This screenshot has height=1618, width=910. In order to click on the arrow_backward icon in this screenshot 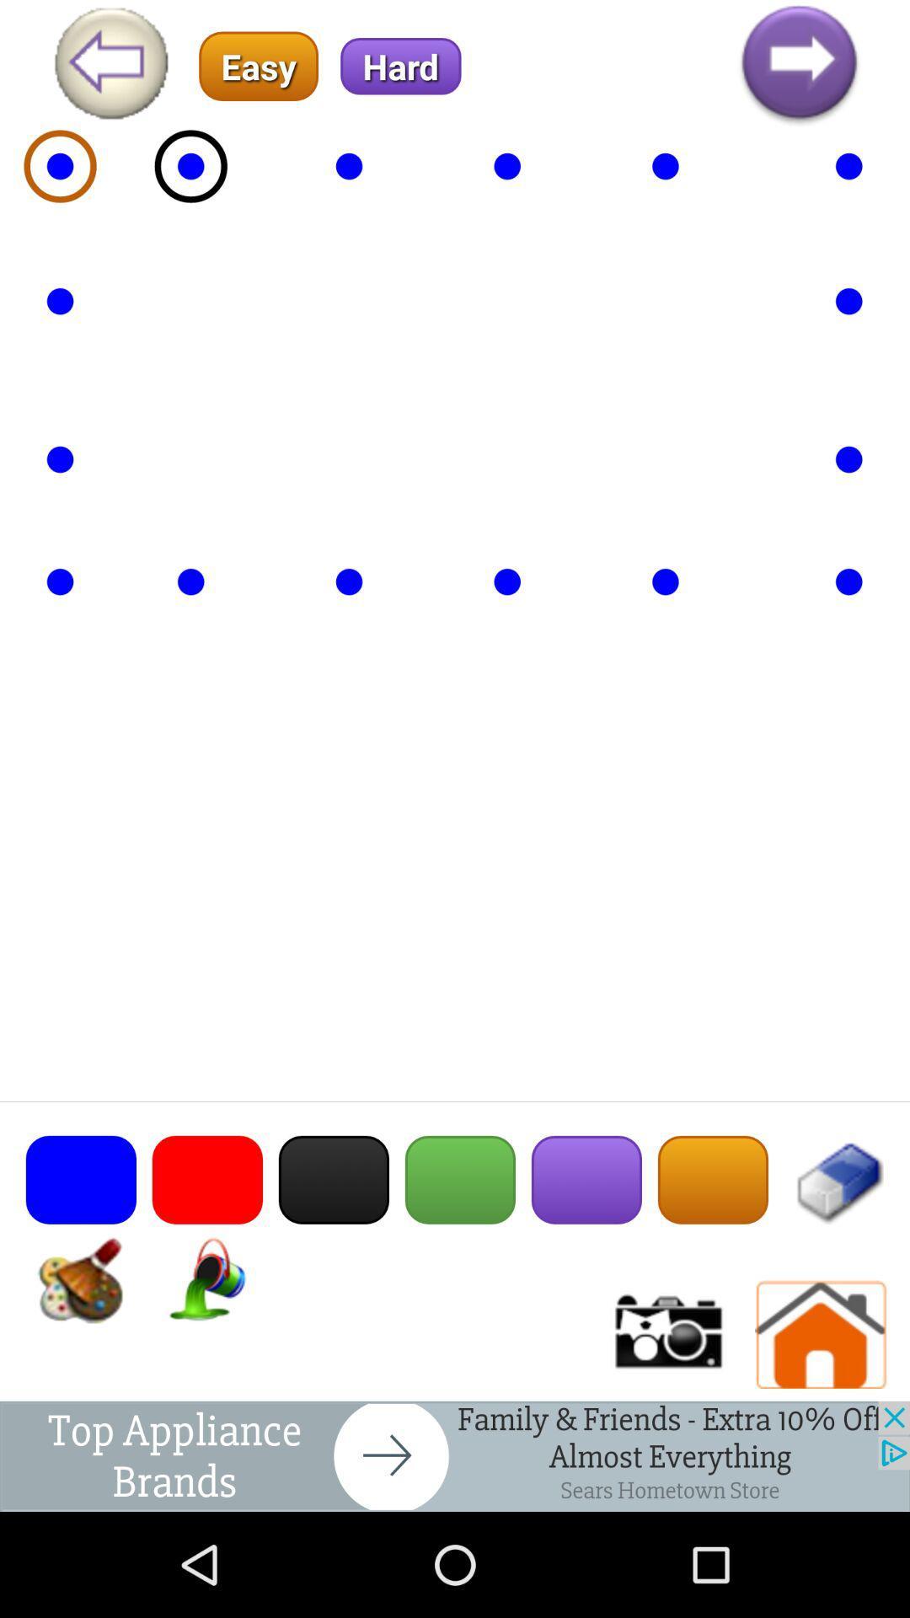, I will do `click(110, 70)`.